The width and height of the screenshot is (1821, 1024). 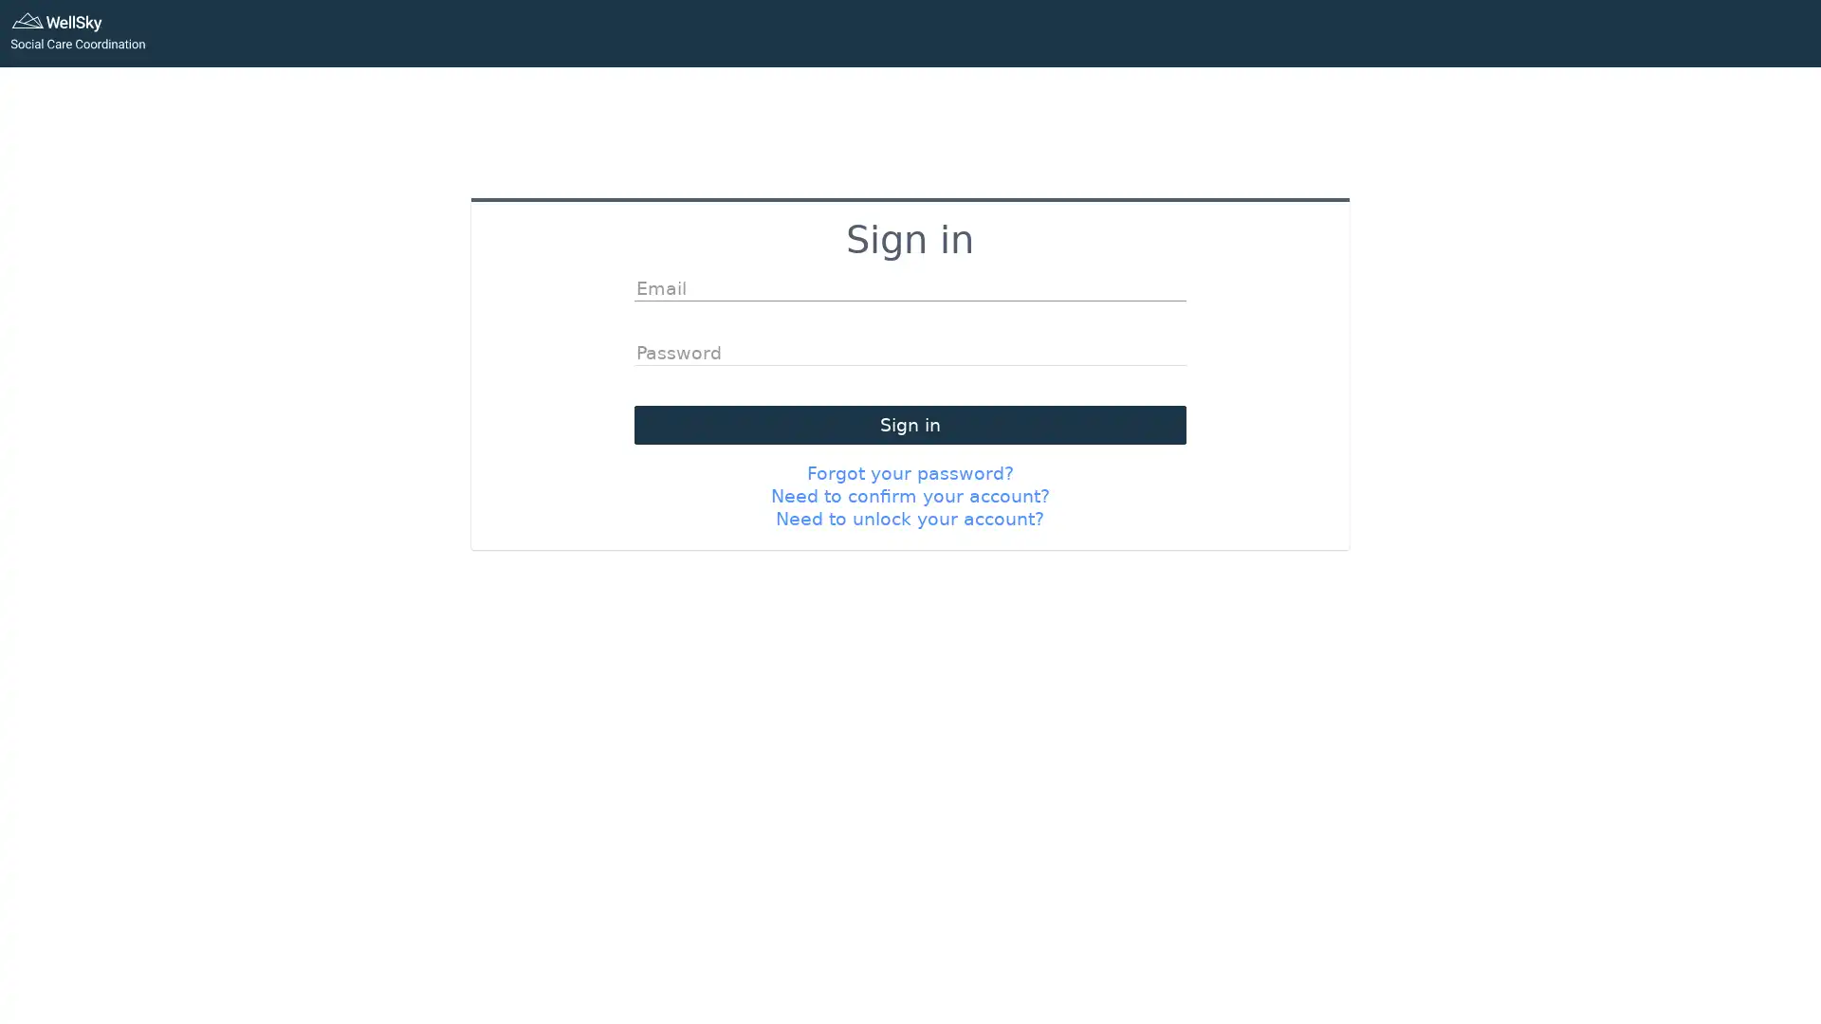 What do you see at coordinates (909, 423) in the screenshot?
I see `Sign in` at bounding box center [909, 423].